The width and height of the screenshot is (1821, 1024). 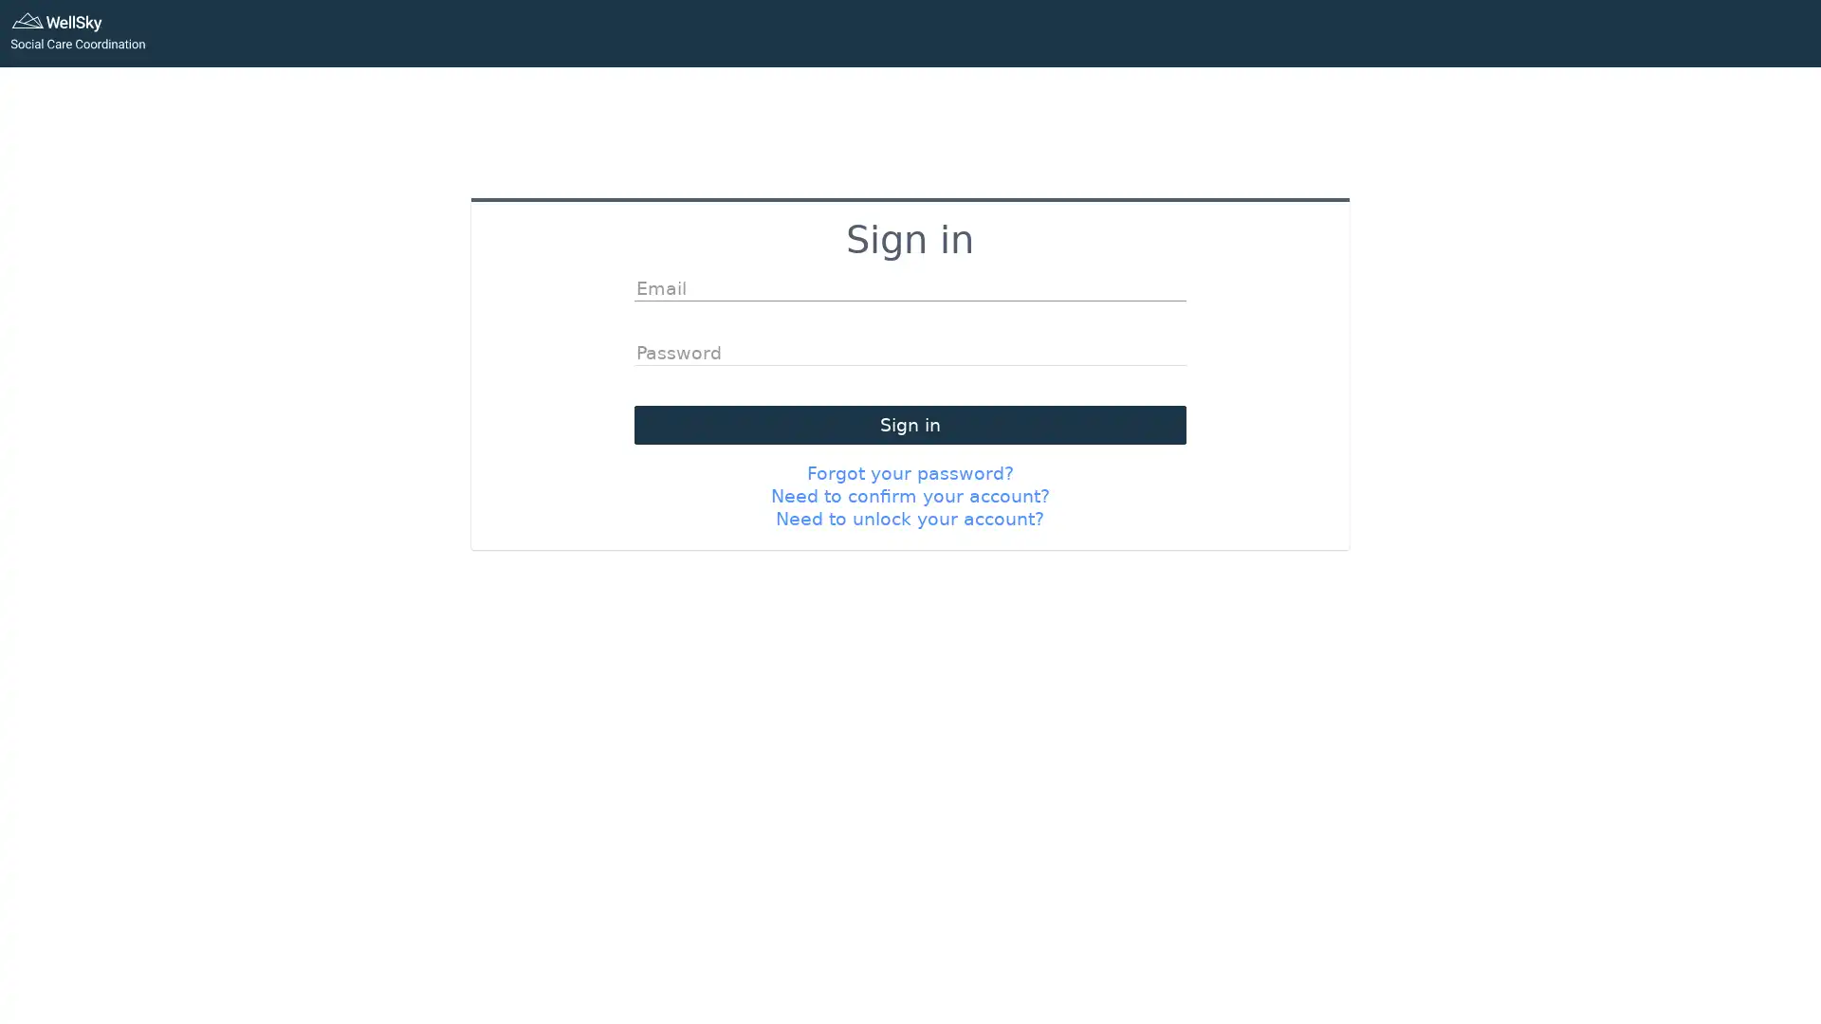 What do you see at coordinates (909, 423) in the screenshot?
I see `Sign in` at bounding box center [909, 423].